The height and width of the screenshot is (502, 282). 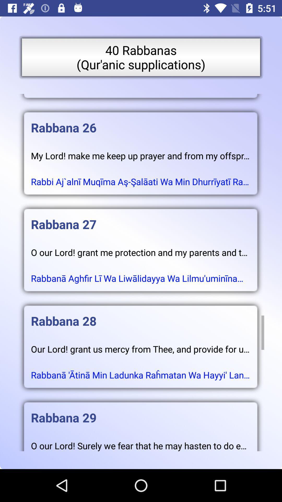 What do you see at coordinates (140, 315) in the screenshot?
I see `icon above our lord grant` at bounding box center [140, 315].